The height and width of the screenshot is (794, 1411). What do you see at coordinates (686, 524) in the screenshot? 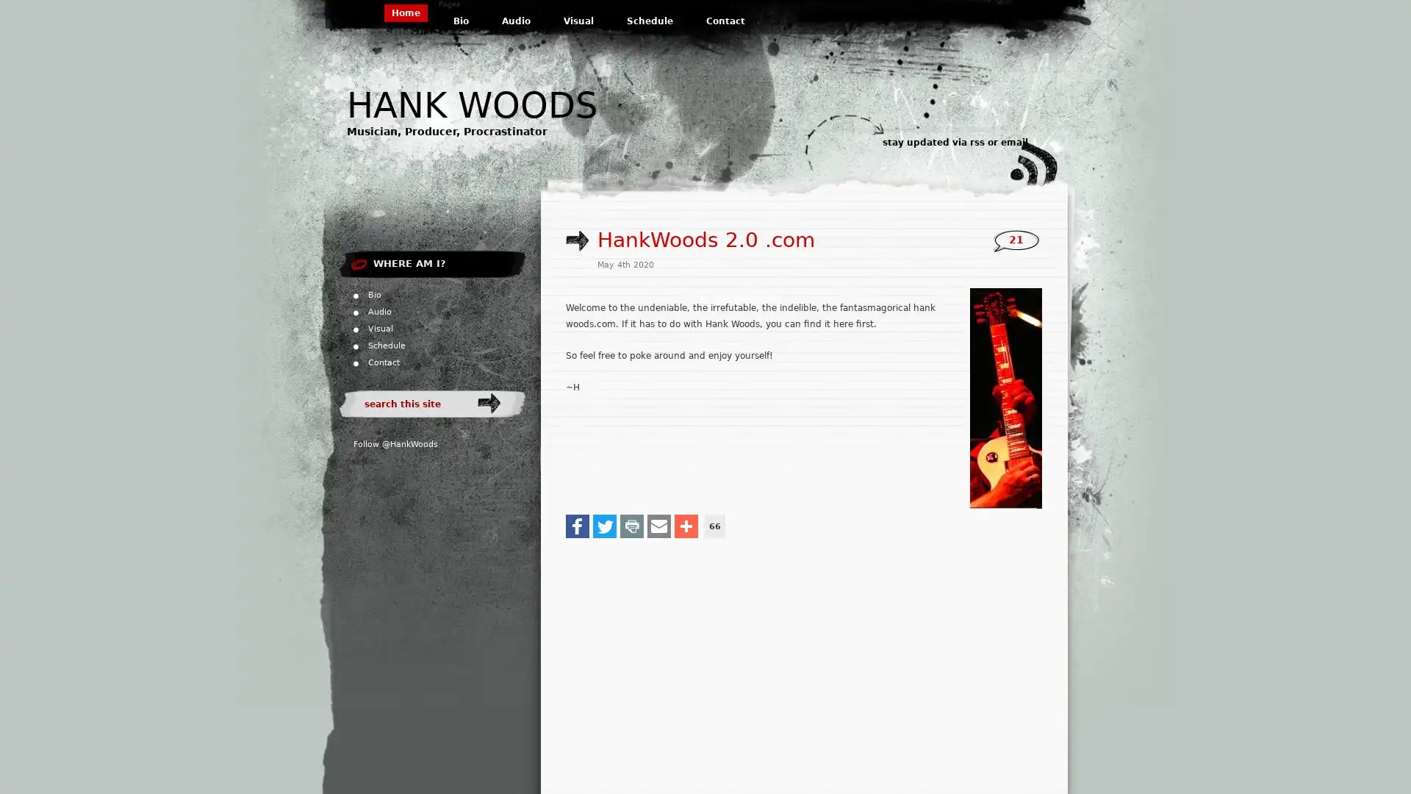
I see `Share to More` at bounding box center [686, 524].